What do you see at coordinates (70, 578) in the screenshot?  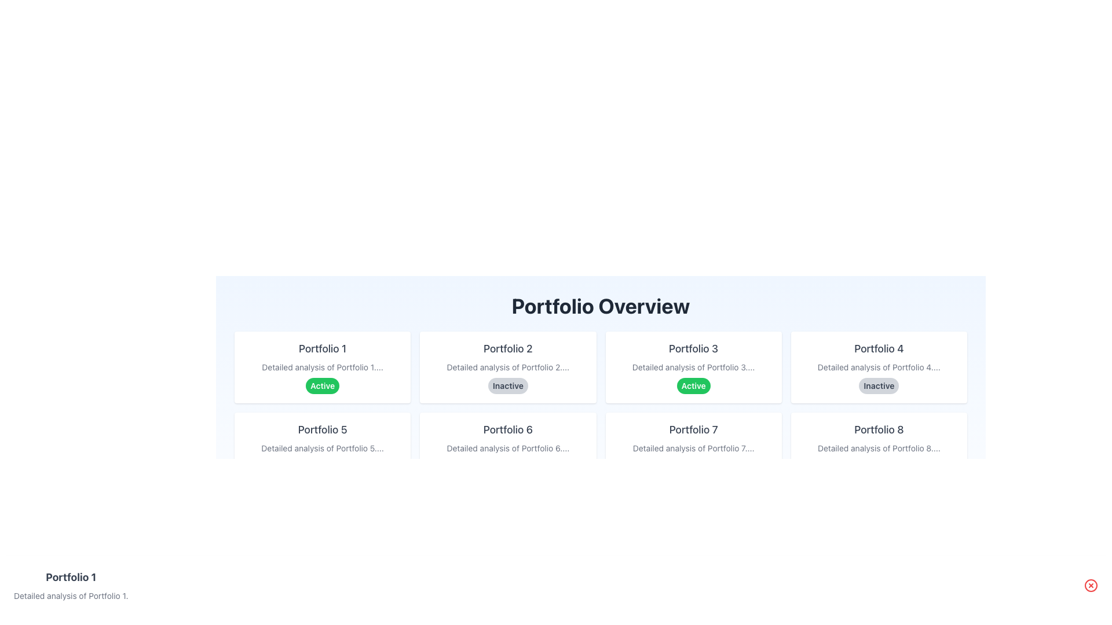 I see `text label displaying 'Portfolio 1' which is bold and large, located at the bottom-left corner of the interface` at bounding box center [70, 578].